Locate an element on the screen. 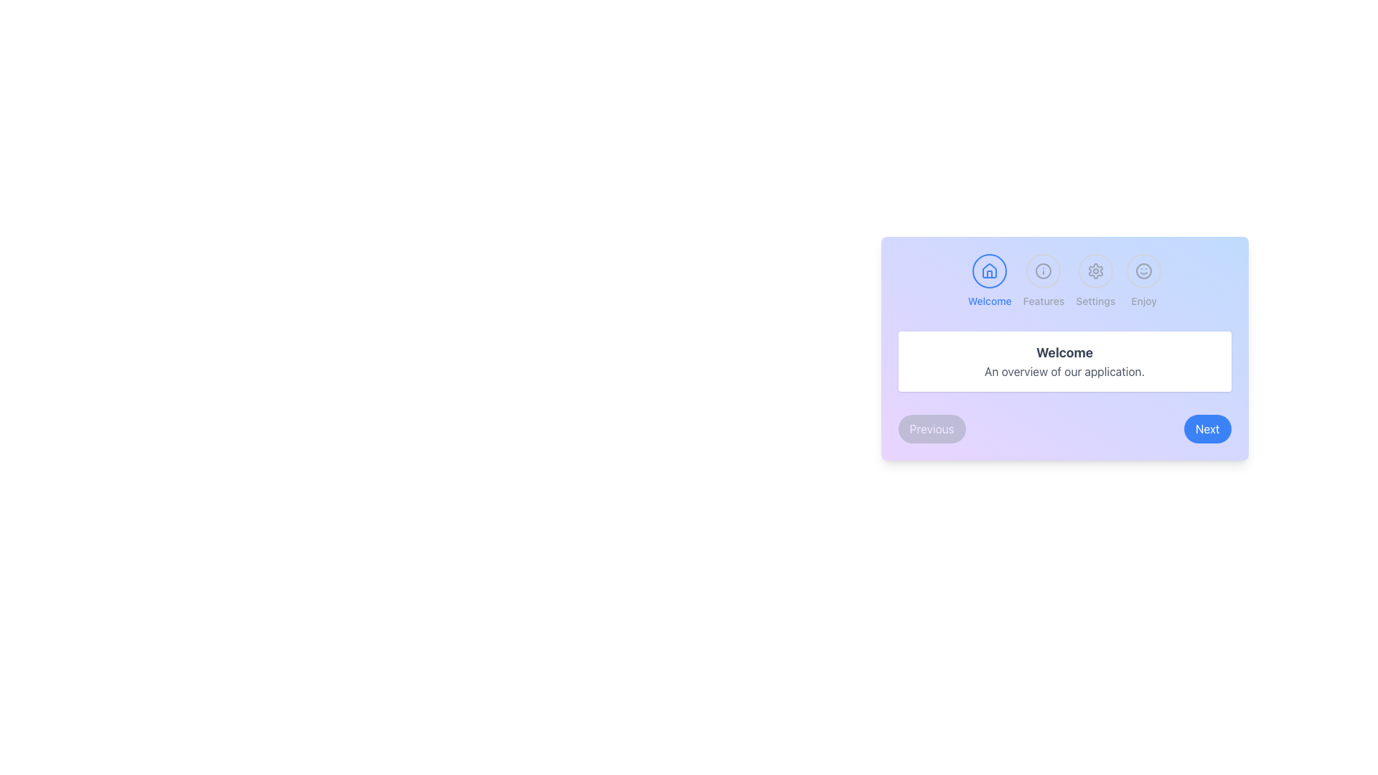  the rightmost circular smiling face icon in the menu beneath the label 'Enjoy' is located at coordinates (1143, 271).